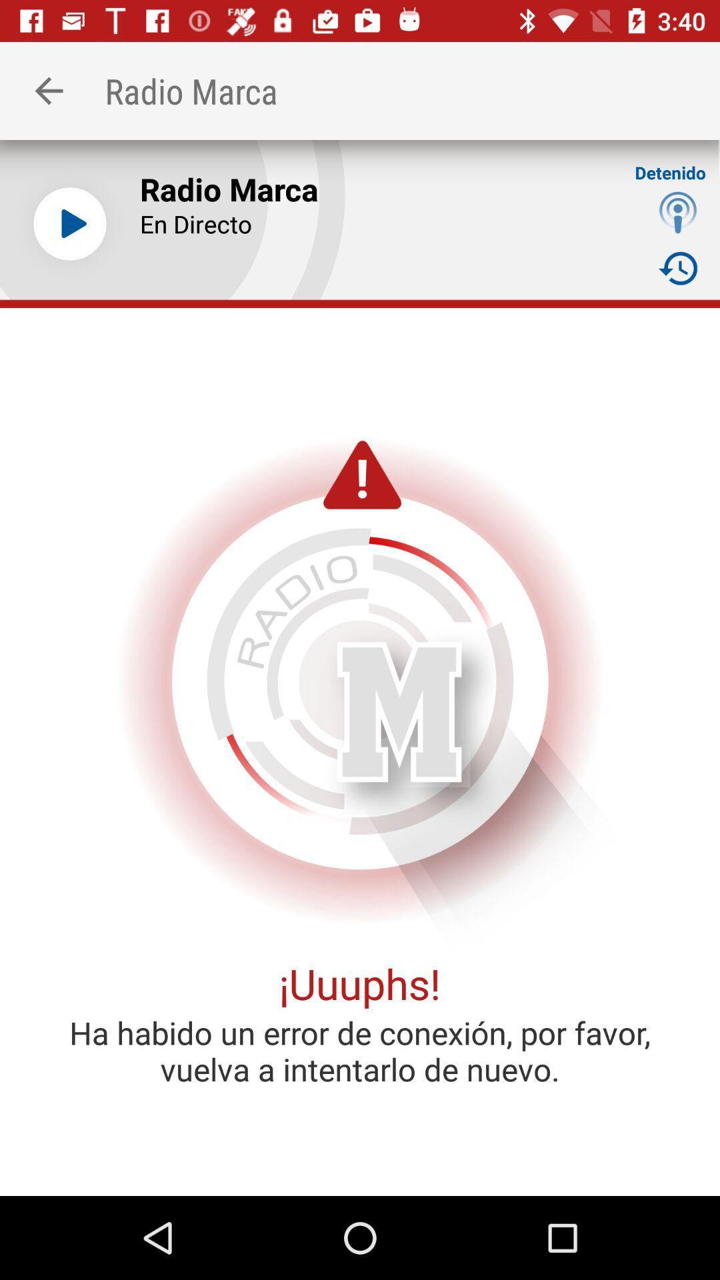 The width and height of the screenshot is (720, 1280). Describe the element at coordinates (678, 267) in the screenshot. I see `the history icon` at that location.